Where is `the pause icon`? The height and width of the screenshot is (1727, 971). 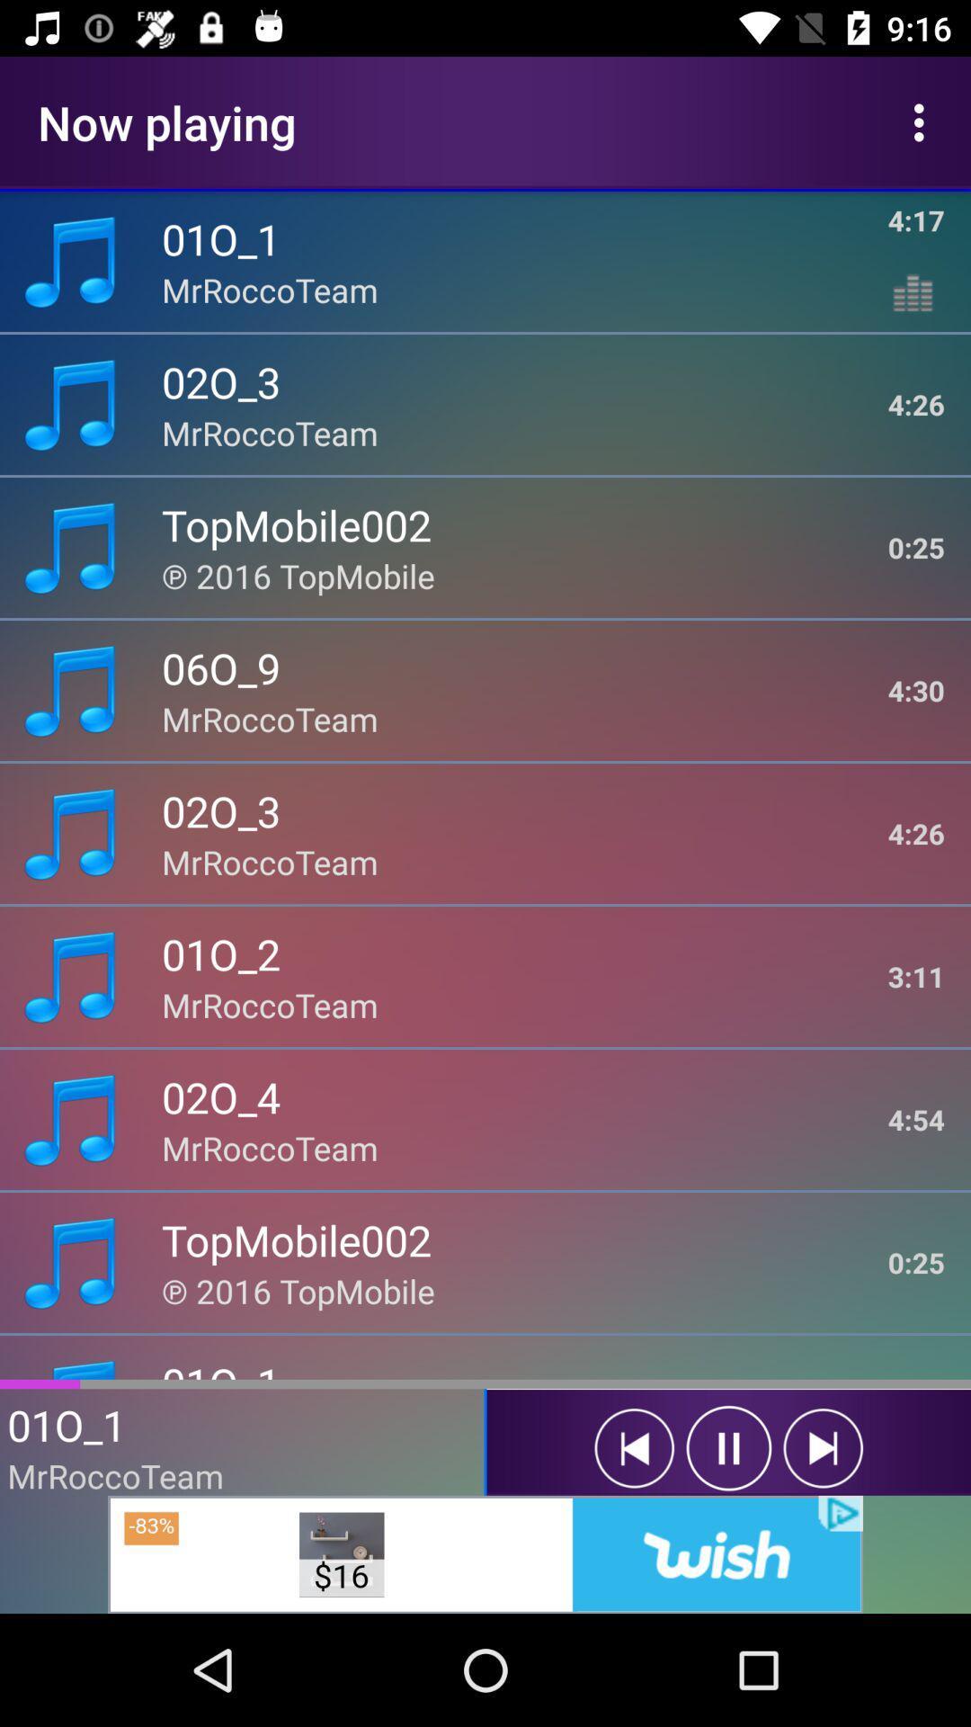 the pause icon is located at coordinates (728, 1448).